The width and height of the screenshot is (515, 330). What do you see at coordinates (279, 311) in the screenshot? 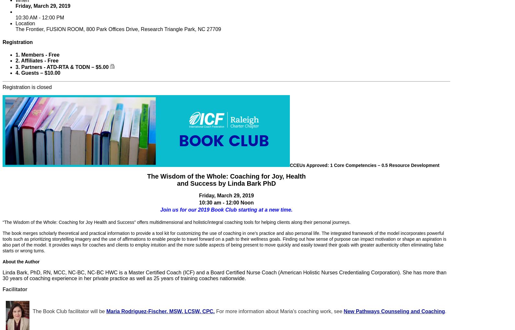
I see `'For more information about Maria's coaching work, see'` at bounding box center [279, 311].